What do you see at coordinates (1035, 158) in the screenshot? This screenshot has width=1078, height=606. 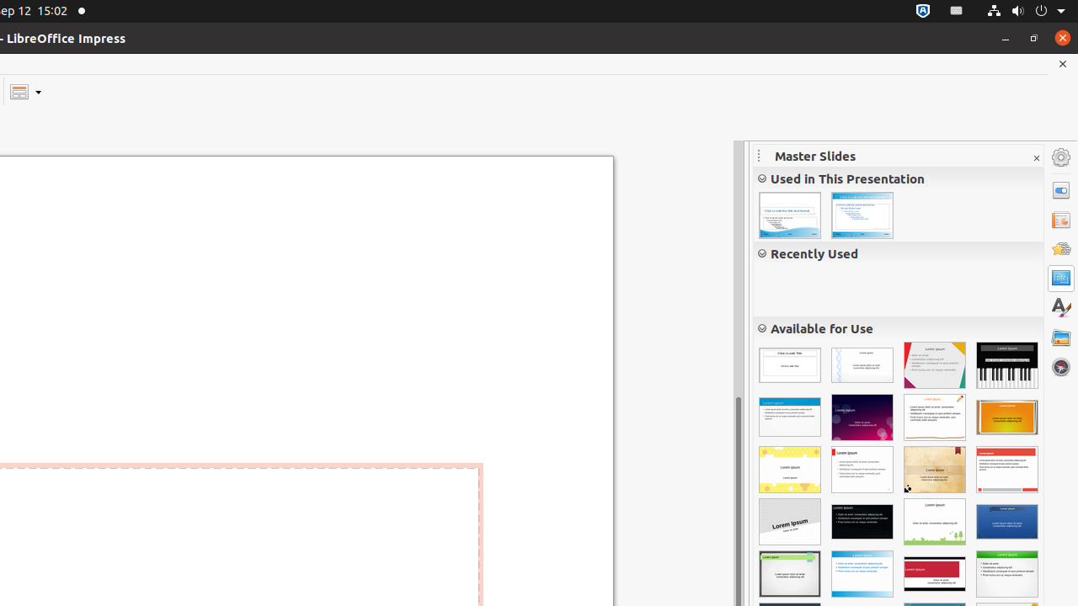 I see `'Close Sidebar Deck'` at bounding box center [1035, 158].